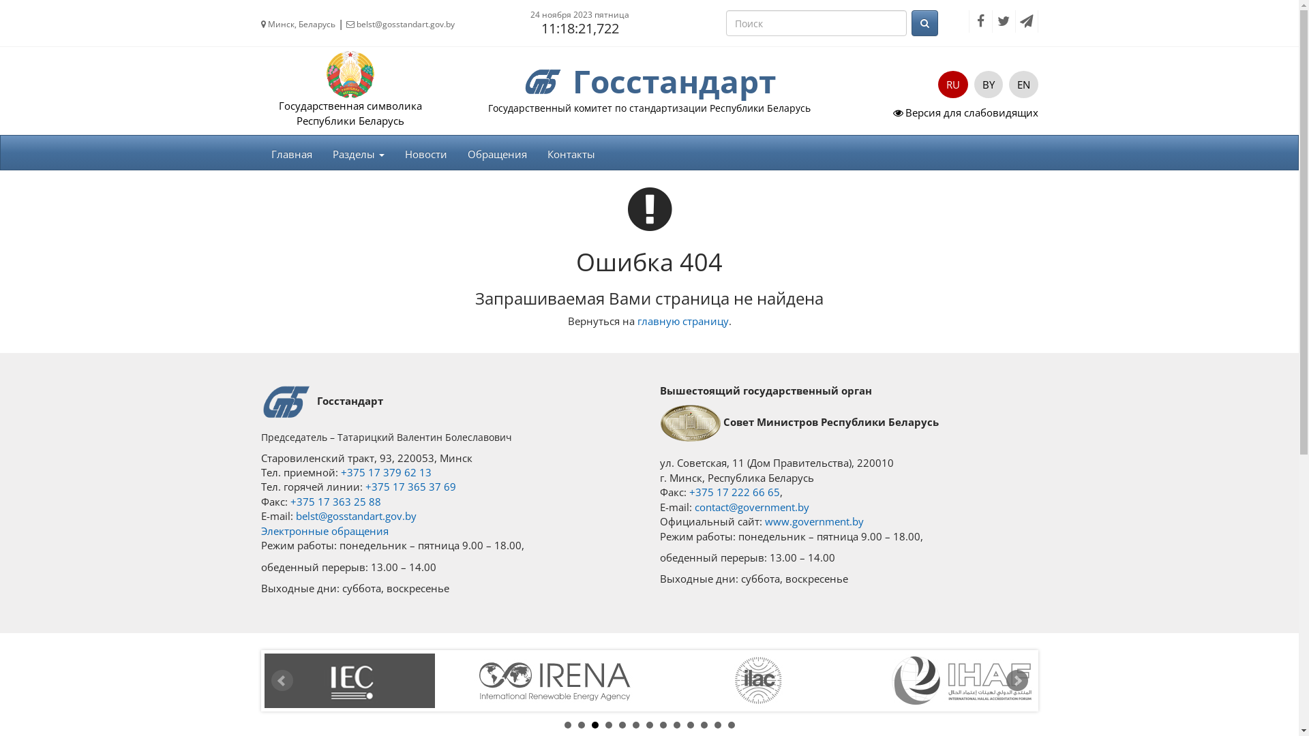 The width and height of the screenshot is (1309, 736). Describe the element at coordinates (281, 681) in the screenshot. I see `'Prev'` at that location.